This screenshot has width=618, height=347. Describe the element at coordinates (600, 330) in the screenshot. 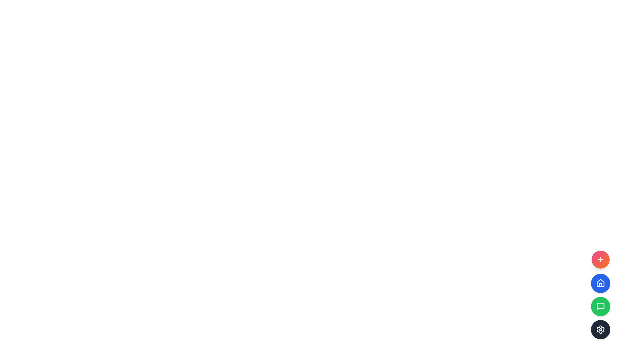

I see `the circular button with a dark background and a white gear icon` at that location.